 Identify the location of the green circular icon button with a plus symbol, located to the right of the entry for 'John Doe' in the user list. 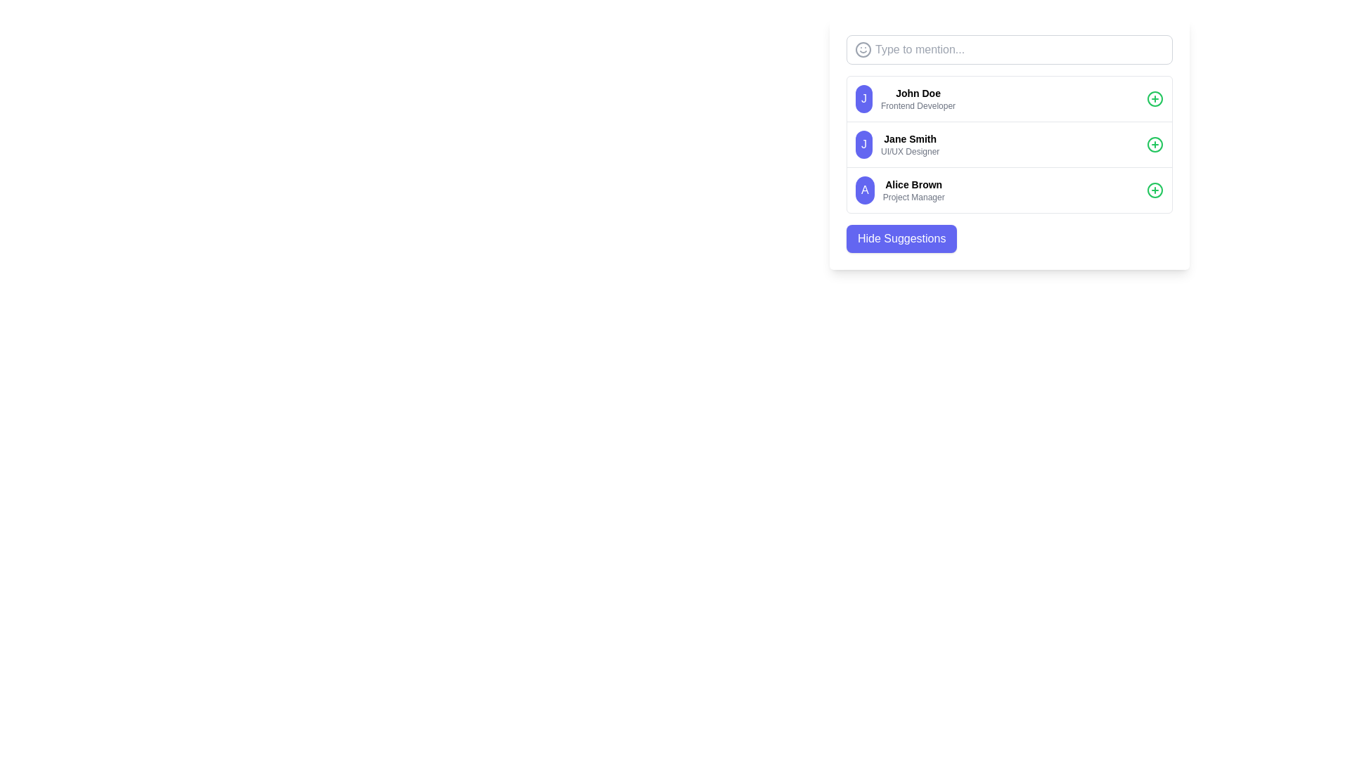
(1155, 98).